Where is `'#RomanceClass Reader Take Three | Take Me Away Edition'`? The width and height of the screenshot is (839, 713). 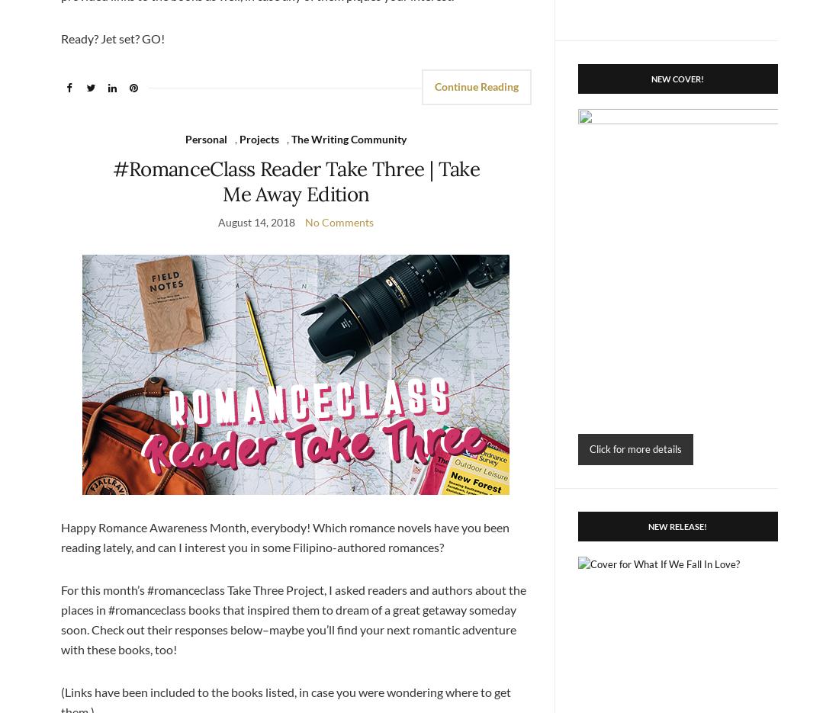 '#RomanceClass Reader Take Three | Take Me Away Edition' is located at coordinates (295, 181).